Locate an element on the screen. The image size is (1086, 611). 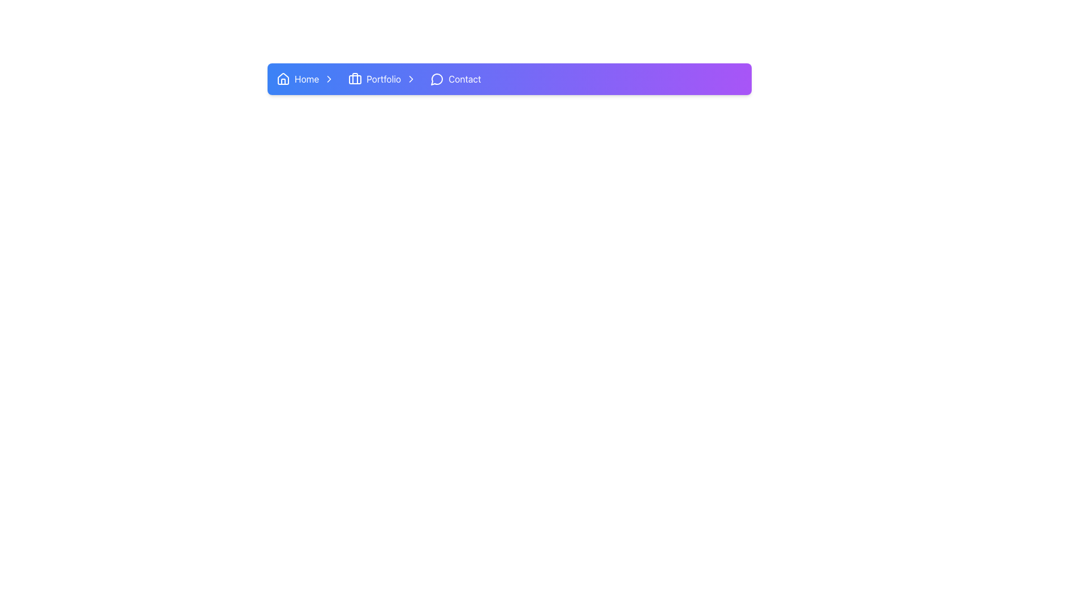
the navigation link located in the navigation bar, positioned between a house icon and a chevron icon is located at coordinates (307, 78).